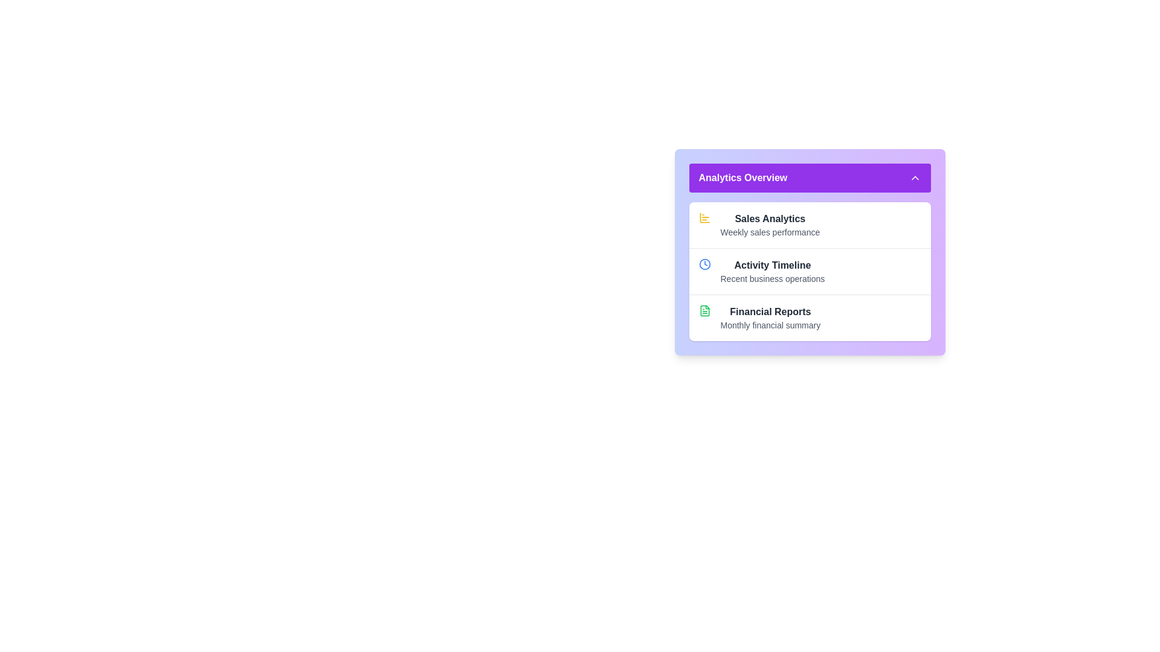 The image size is (1160, 652). I want to click on the circular SVG element representing a part of the clock icon located adjacent to the 'Activity Timeline' text in the 'Analytics Overview' section, so click(704, 264).